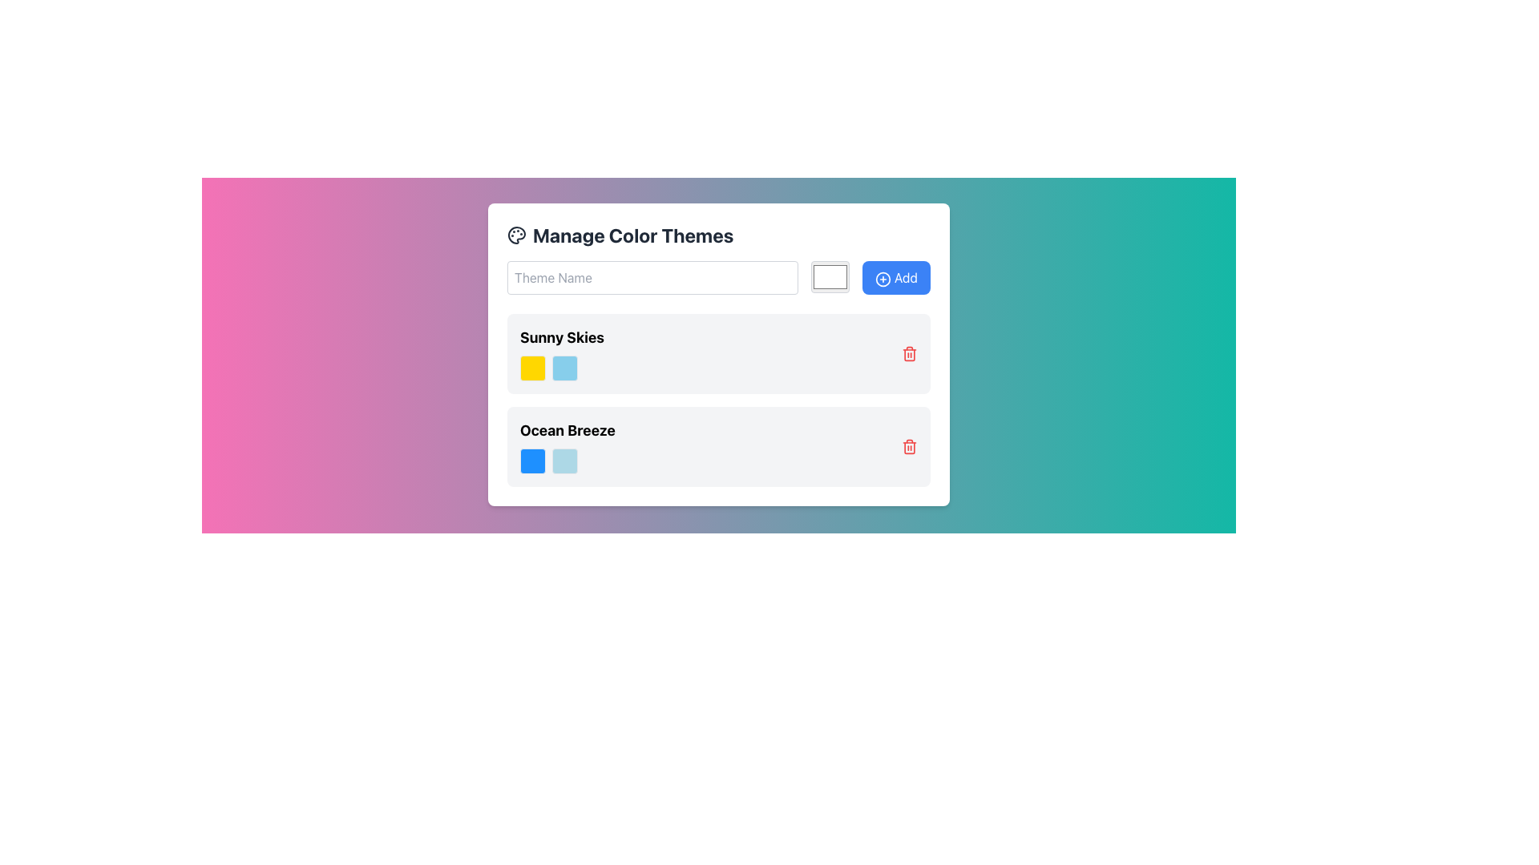 This screenshot has width=1539, height=865. What do you see at coordinates (882, 278) in the screenshot?
I see `the SVG circle element that signifies addition, located within the button labeled 'Add' on the right of the input field` at bounding box center [882, 278].